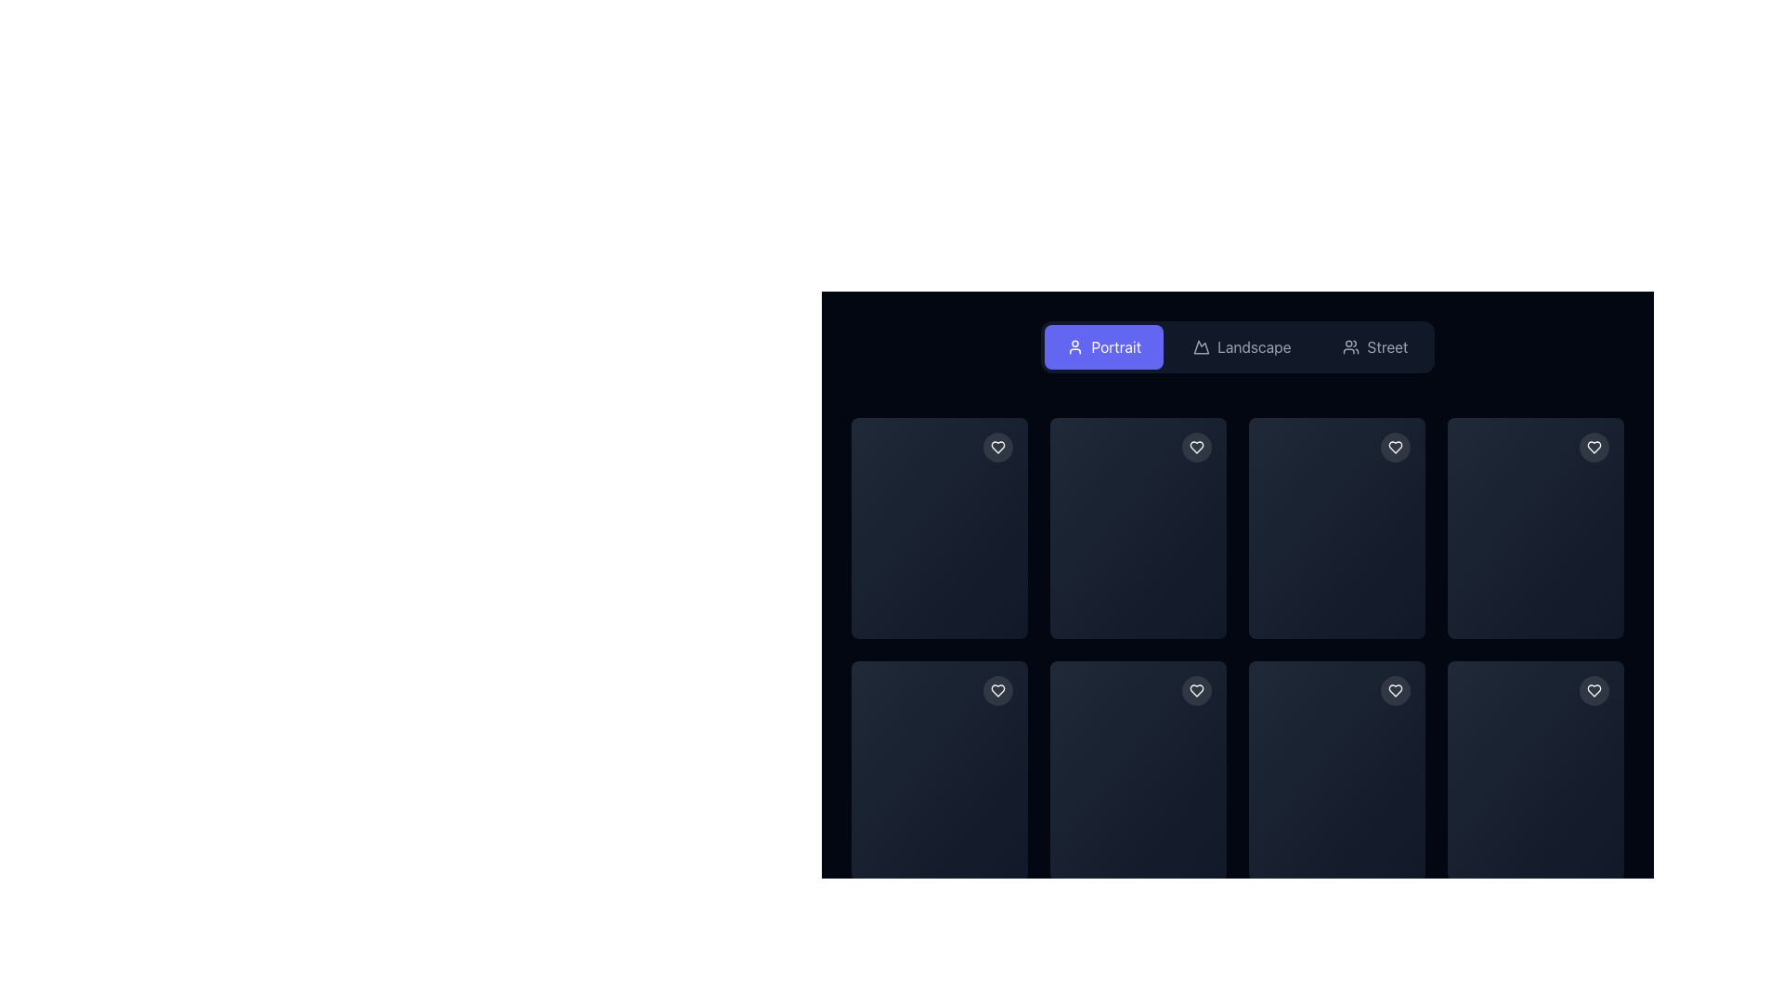 Image resolution: width=1783 pixels, height=1003 pixels. I want to click on the heart-shaped icon button located in the upper-right corner of the second card in the grid layout, so click(1197, 448).